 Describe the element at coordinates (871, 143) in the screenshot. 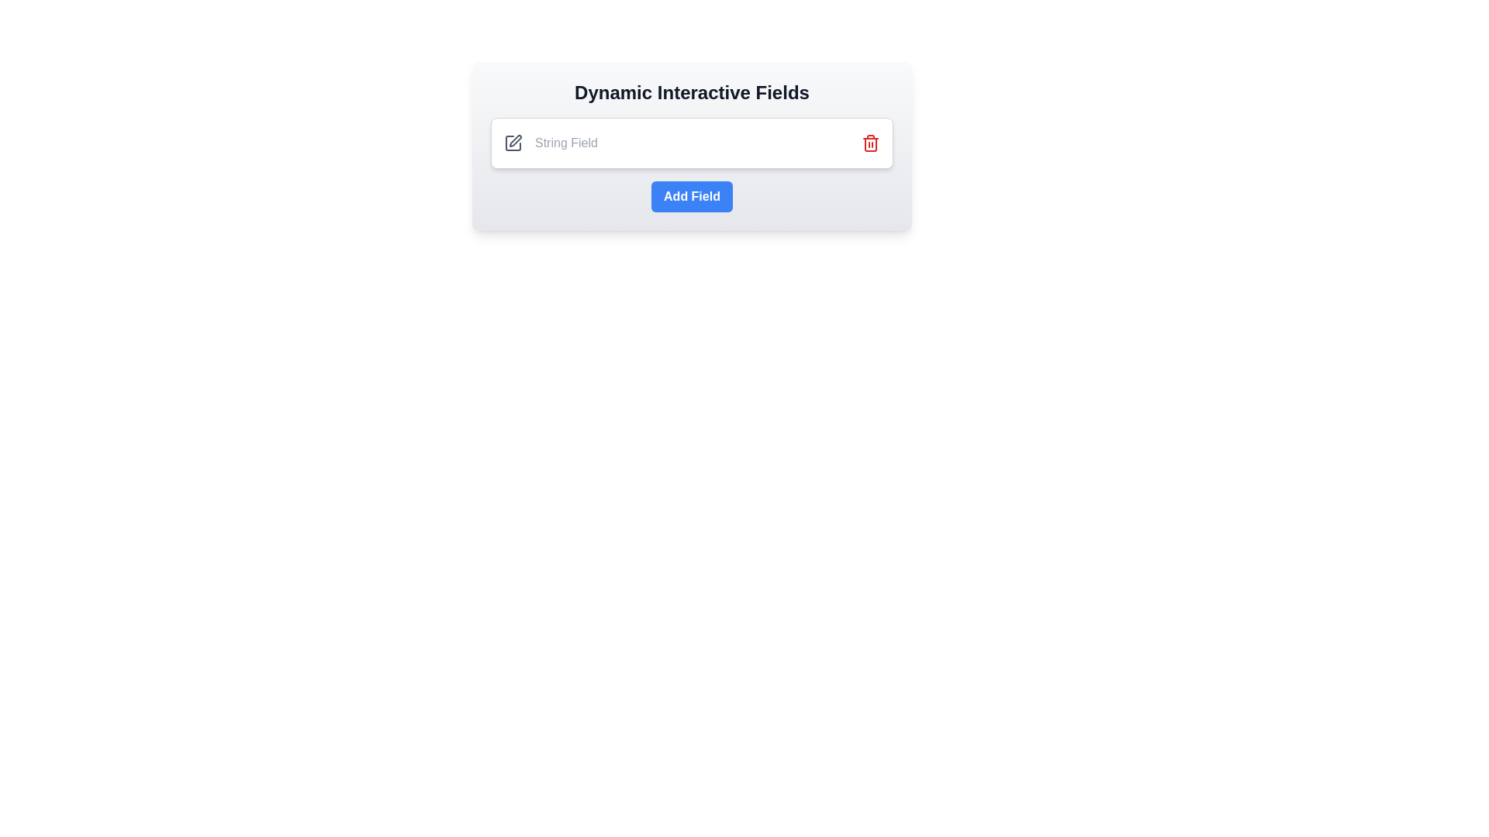

I see `the delete button represented as an SVG icon to observe a color change` at that location.